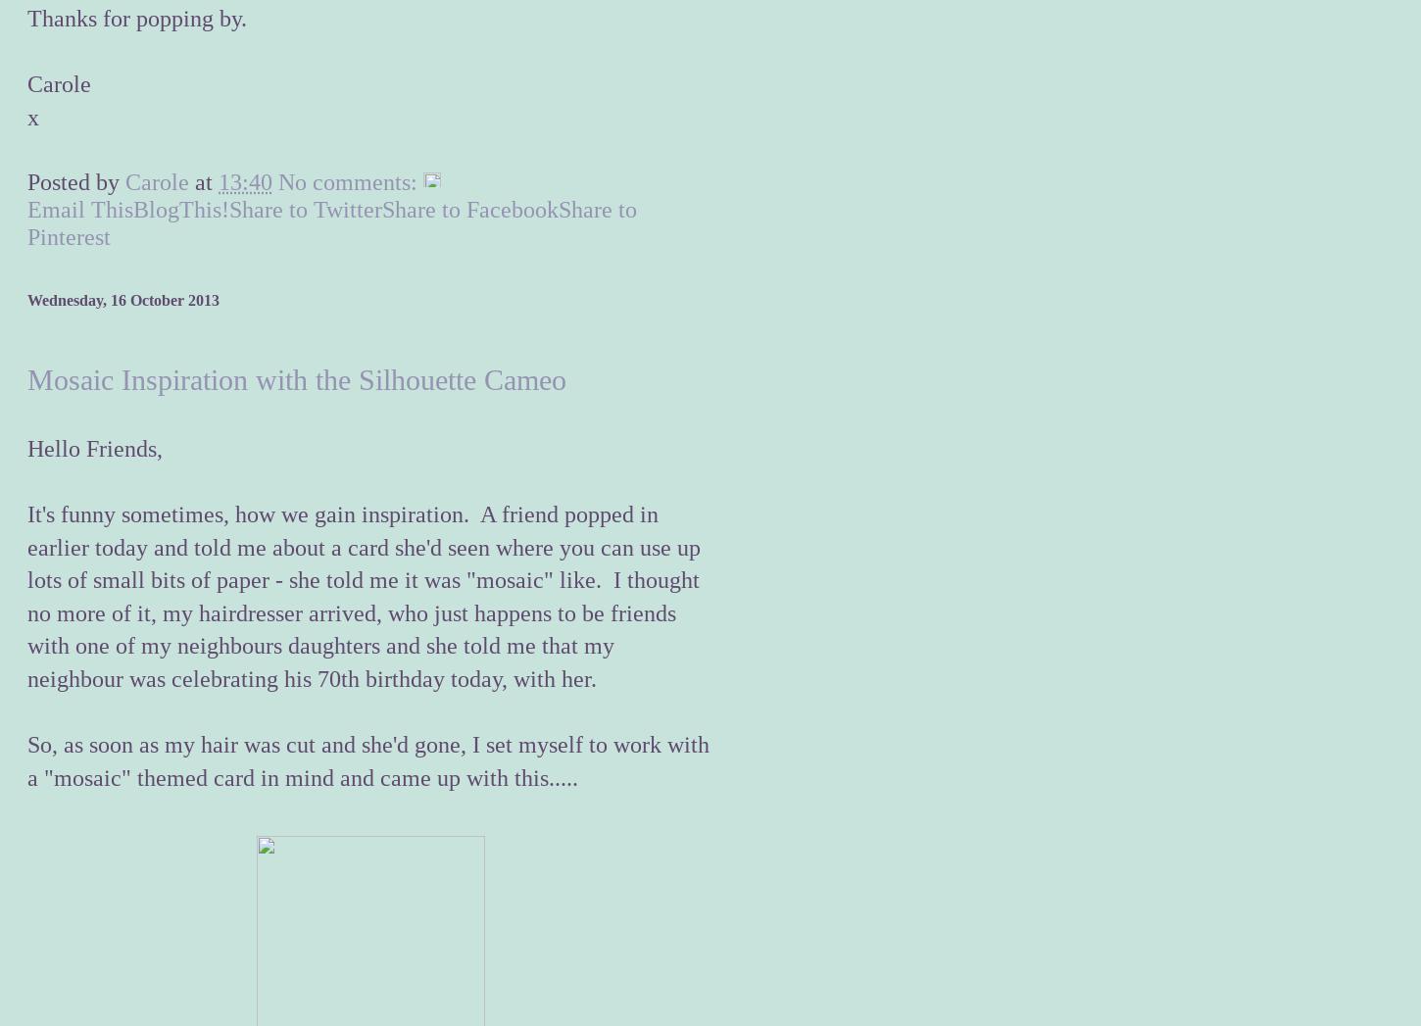 The height and width of the screenshot is (1026, 1421). I want to click on 'Hello Friends,', so click(26, 448).